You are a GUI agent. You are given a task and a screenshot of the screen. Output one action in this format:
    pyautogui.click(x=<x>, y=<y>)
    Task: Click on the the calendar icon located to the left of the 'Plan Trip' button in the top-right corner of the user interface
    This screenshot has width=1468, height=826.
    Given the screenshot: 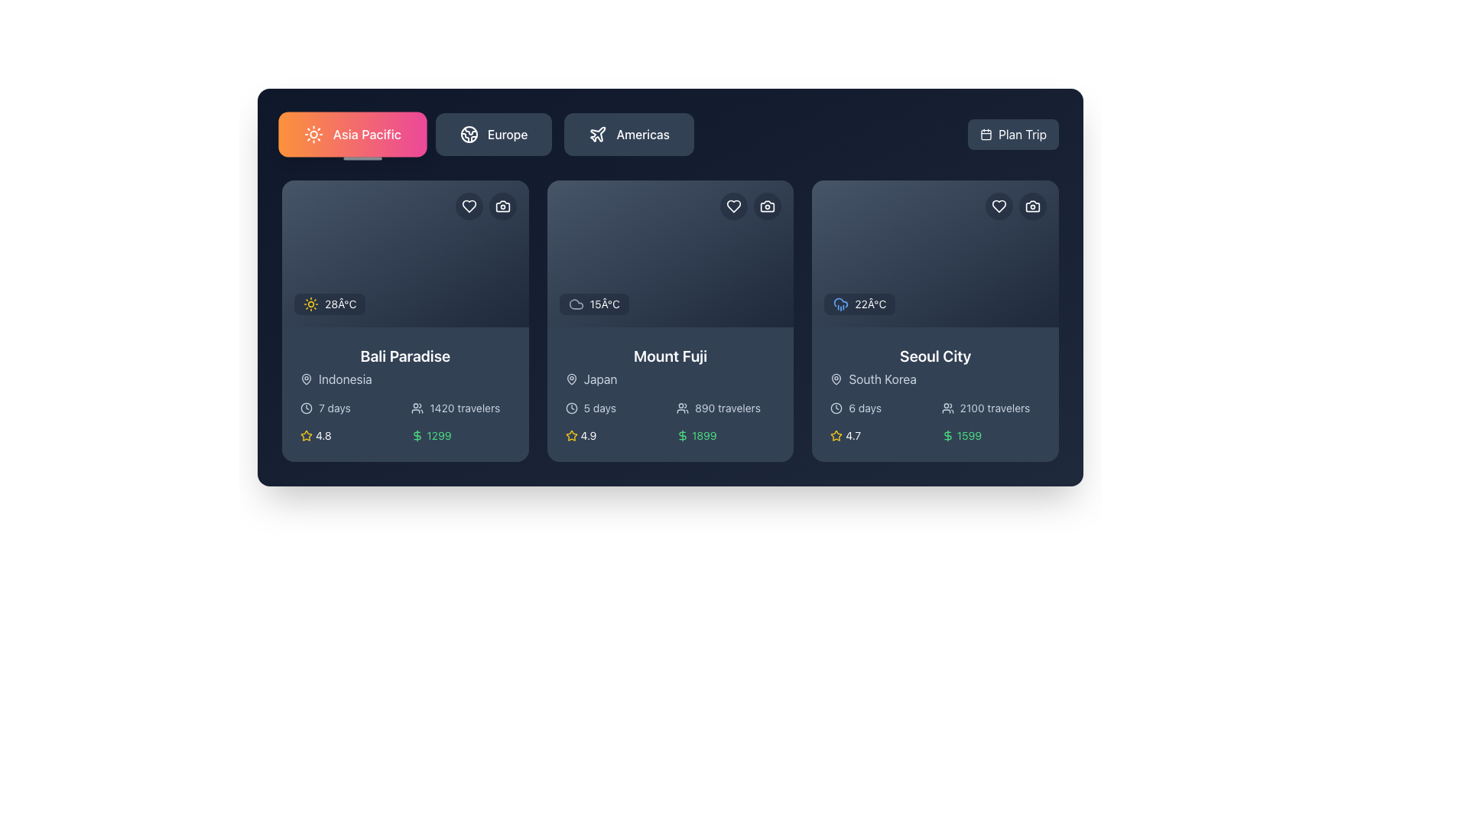 What is the action you would take?
    pyautogui.click(x=986, y=134)
    